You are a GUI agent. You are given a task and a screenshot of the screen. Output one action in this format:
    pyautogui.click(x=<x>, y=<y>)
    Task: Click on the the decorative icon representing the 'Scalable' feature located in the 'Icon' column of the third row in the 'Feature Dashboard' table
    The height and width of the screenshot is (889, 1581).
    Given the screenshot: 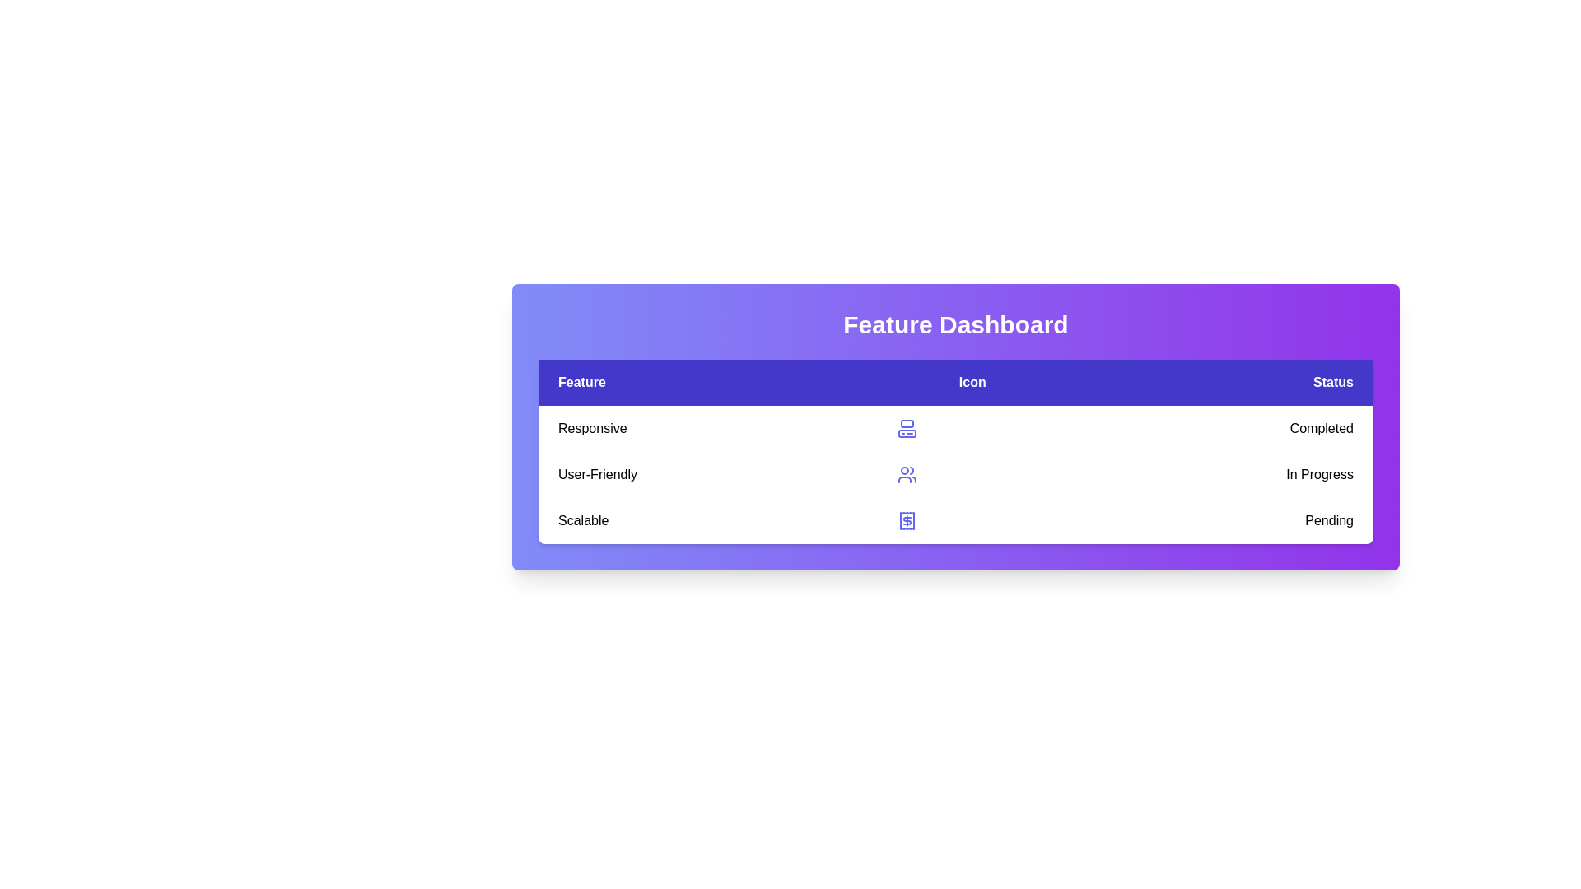 What is the action you would take?
    pyautogui.click(x=906, y=520)
    